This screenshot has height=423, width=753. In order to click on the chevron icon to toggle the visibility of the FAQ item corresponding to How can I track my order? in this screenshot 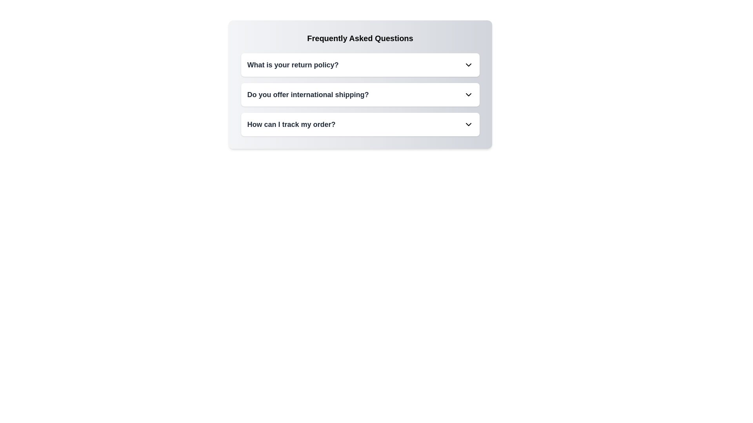, I will do `click(468, 124)`.